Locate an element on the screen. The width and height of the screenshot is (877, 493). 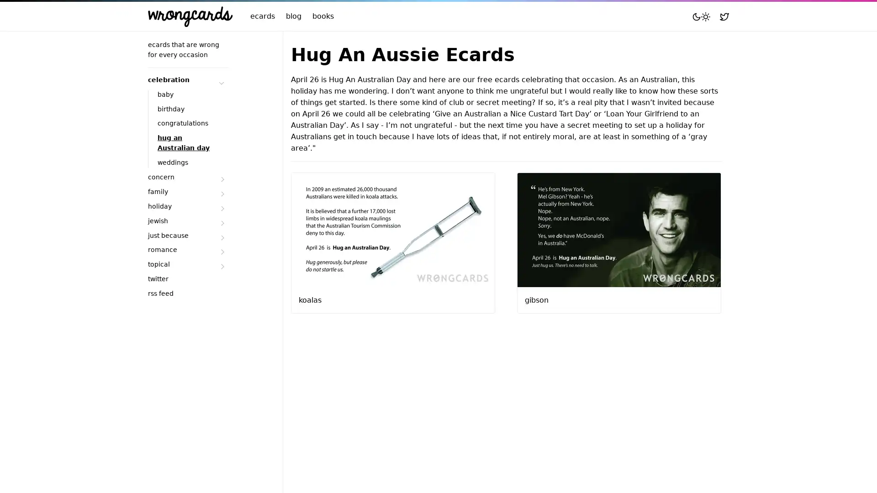
Submenu is located at coordinates (221, 237).